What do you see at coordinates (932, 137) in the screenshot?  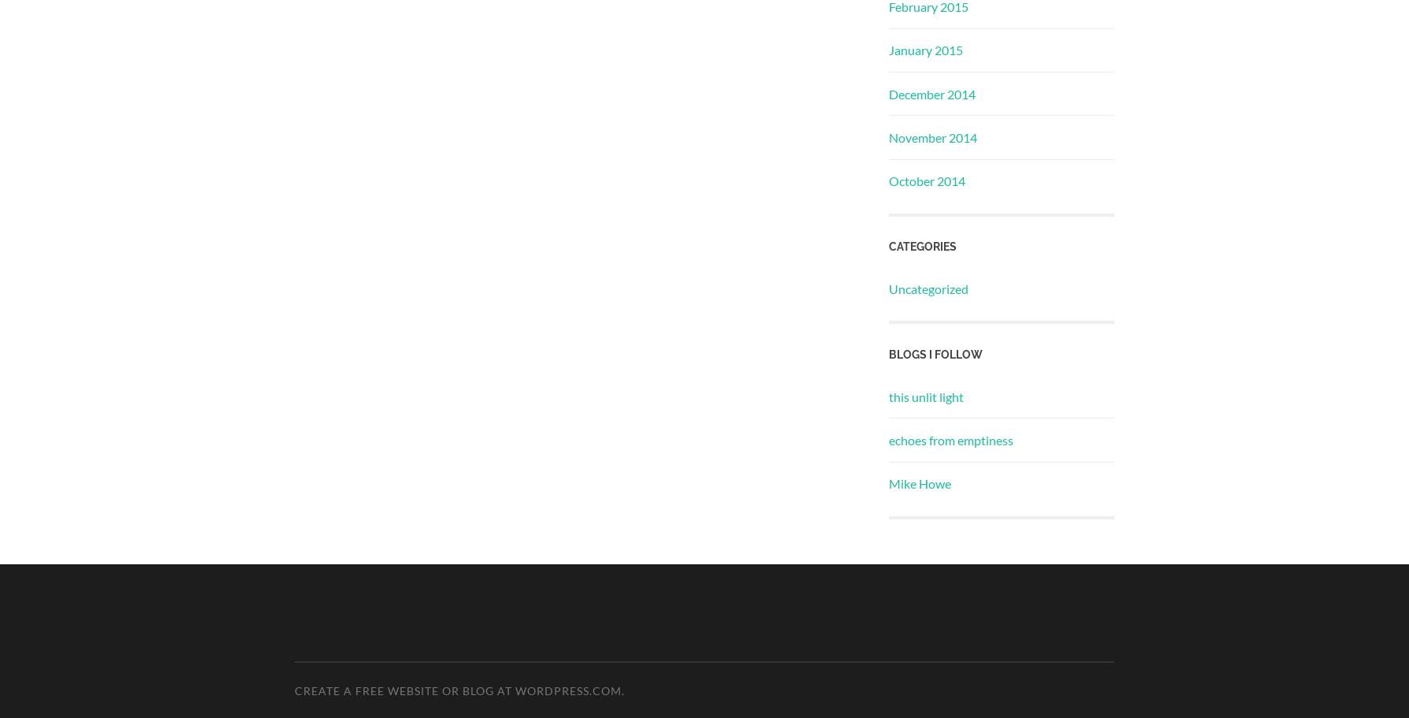 I see `'November 2014'` at bounding box center [932, 137].